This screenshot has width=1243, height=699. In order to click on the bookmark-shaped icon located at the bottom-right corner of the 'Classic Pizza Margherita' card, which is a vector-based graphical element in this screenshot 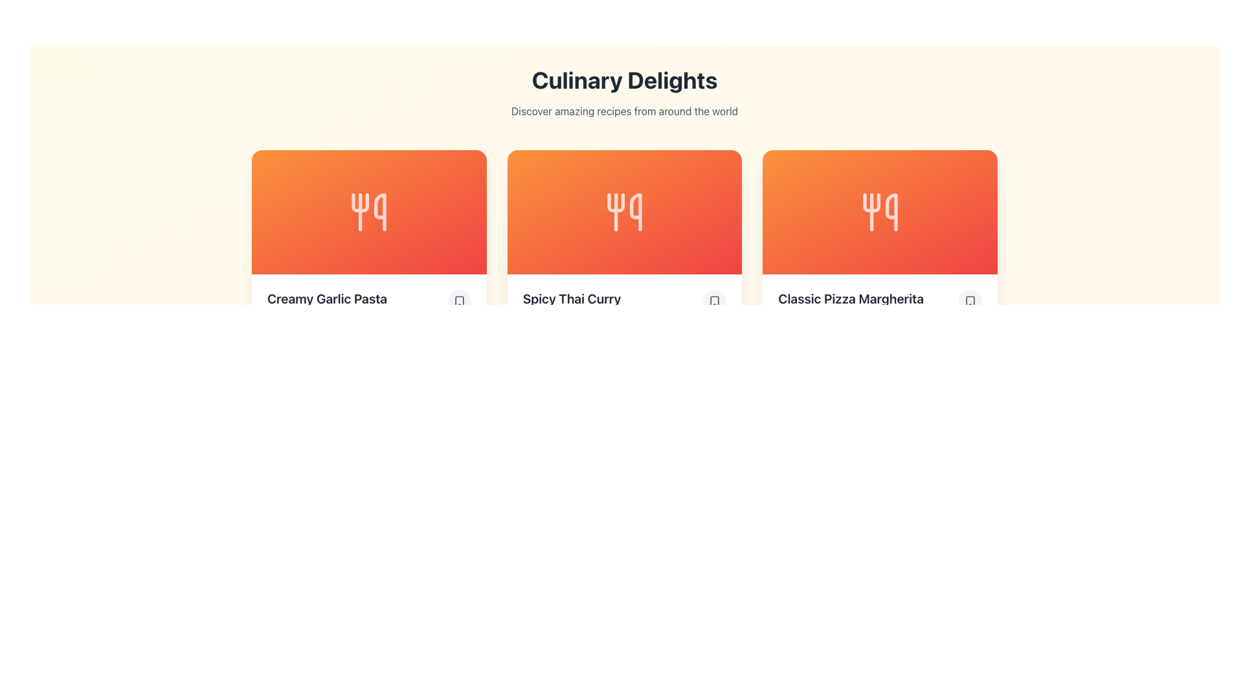, I will do `click(970, 302)`.